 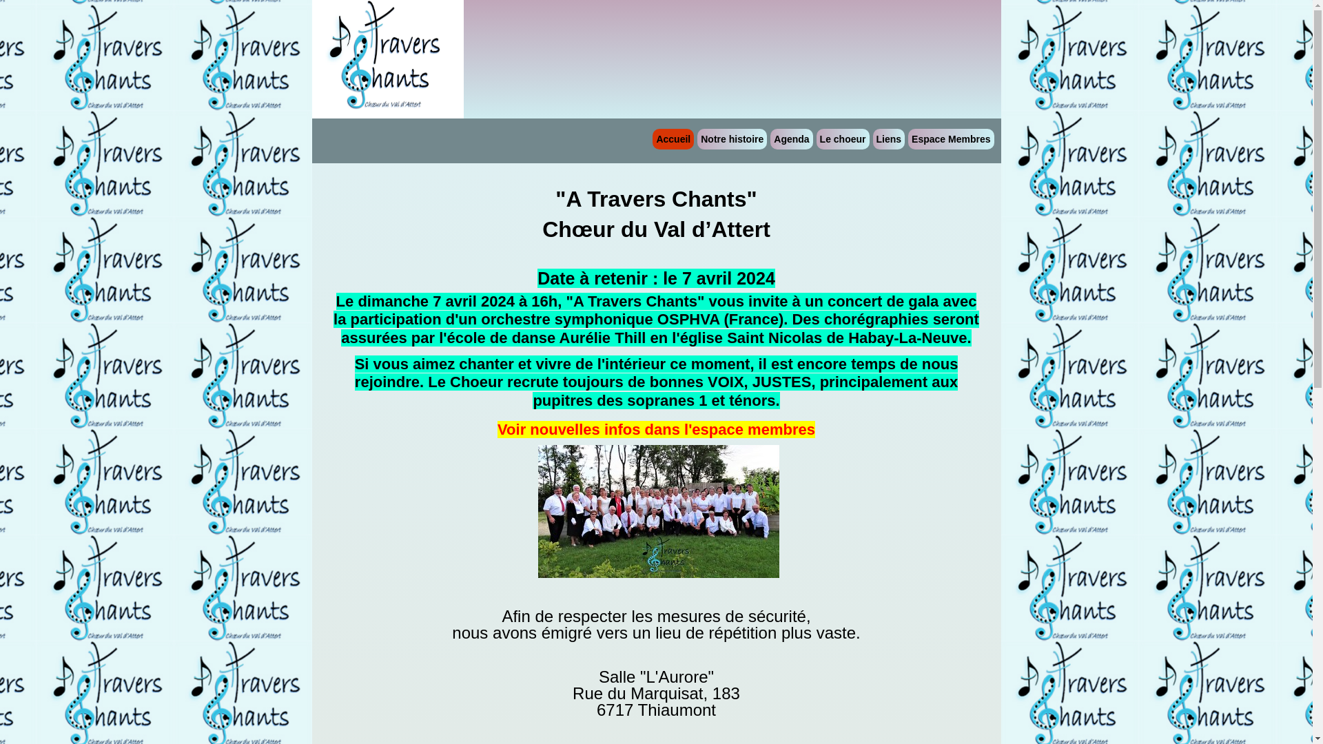 I want to click on 'Espace Membres', so click(x=950, y=138).